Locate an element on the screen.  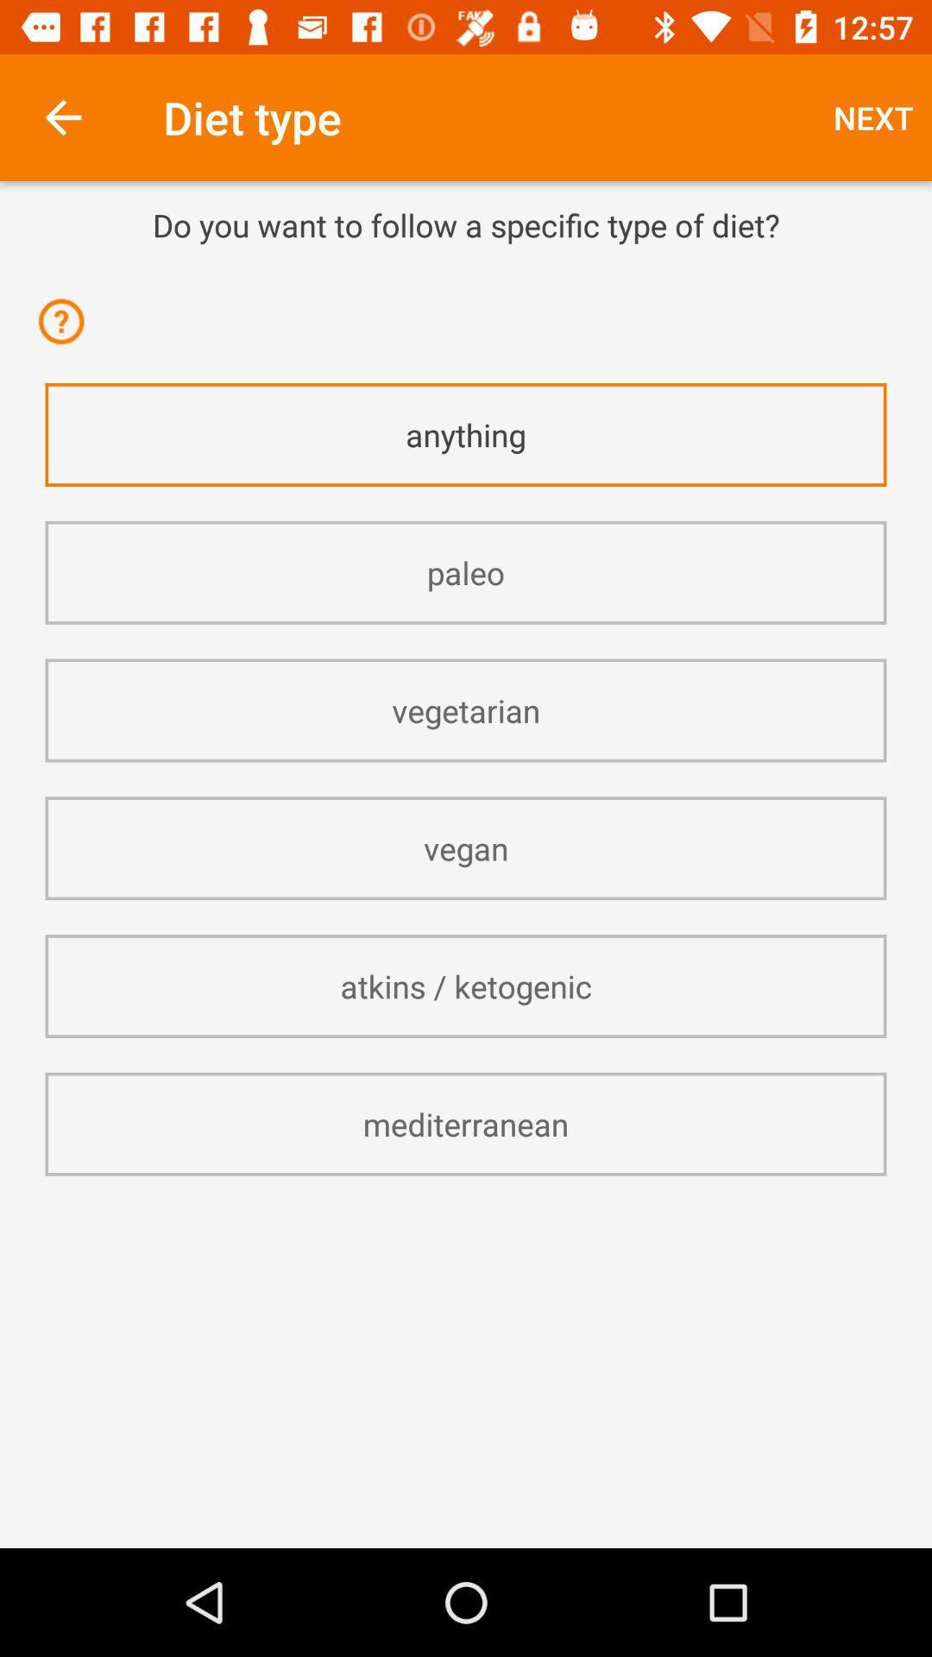
do you want is located at coordinates (466, 224).